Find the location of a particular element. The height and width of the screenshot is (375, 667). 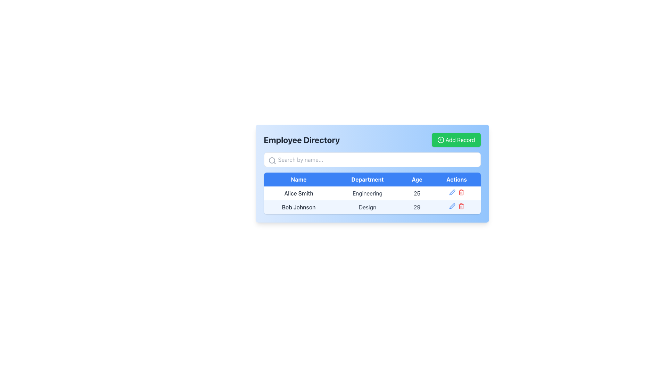

the text label 'Age' which has a blue background and white text, positioned in the third column of the table header is located at coordinates (417, 179).